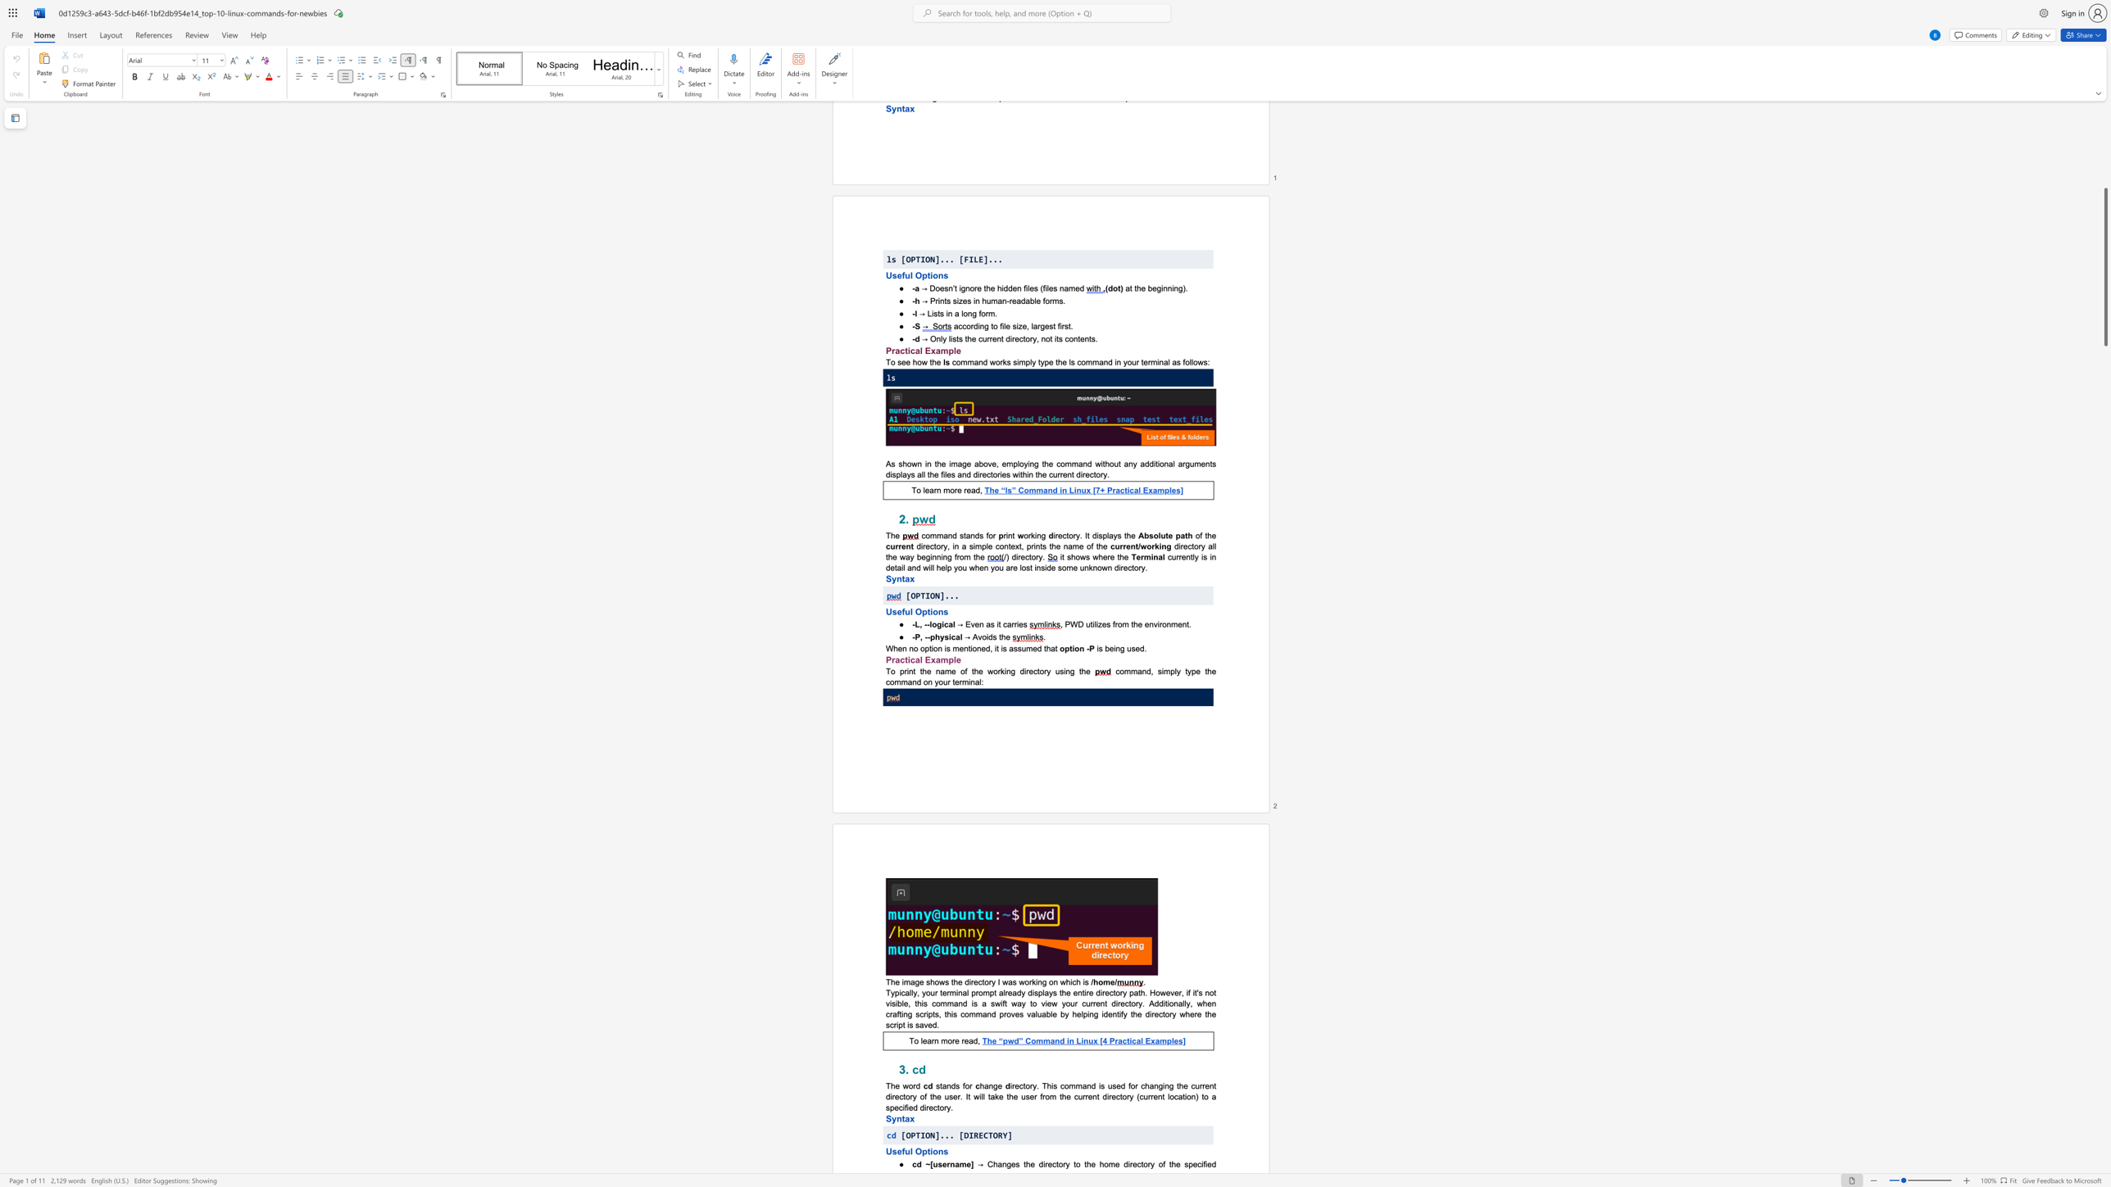 The width and height of the screenshot is (2111, 1187). I want to click on the subset text "tional" within the text "not visible, this command is a swift way to view your current directory. Additionally, when crafting scripts, this command proves valuable by helping", so click(1164, 1003).